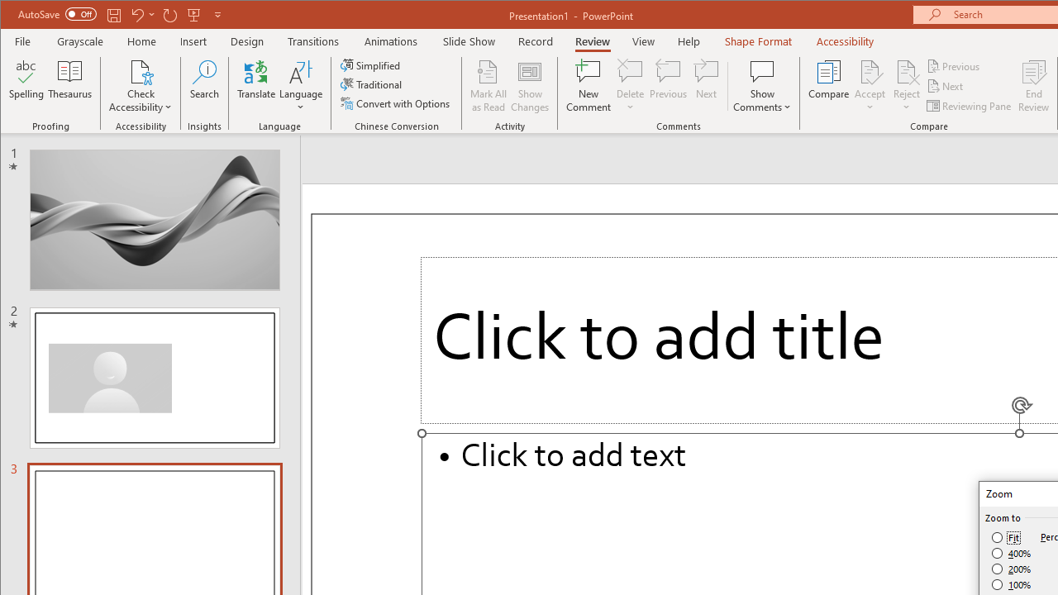 The image size is (1058, 595). Describe the element at coordinates (69, 86) in the screenshot. I see `'Thesaurus...'` at that location.